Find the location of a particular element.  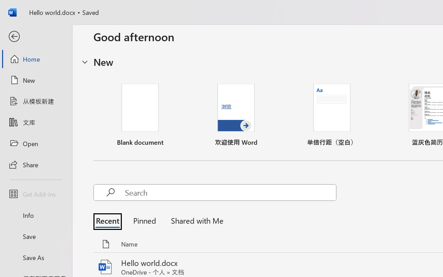

'Recent' is located at coordinates (109, 220).